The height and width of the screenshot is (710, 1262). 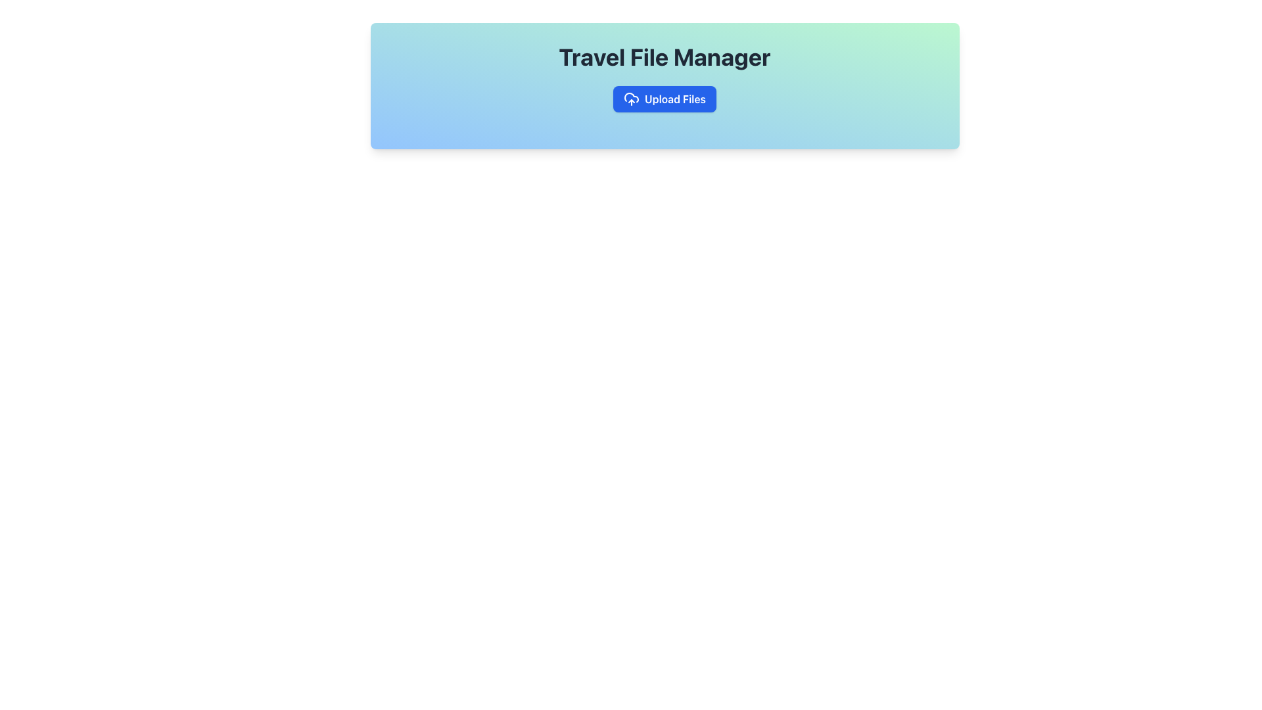 I want to click on the file upload button located below the 'Travel File Manager' title to visualize hover effects, so click(x=665, y=98).